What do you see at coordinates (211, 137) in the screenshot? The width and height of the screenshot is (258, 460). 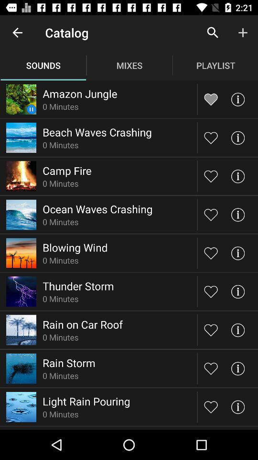 I see `button` at bounding box center [211, 137].